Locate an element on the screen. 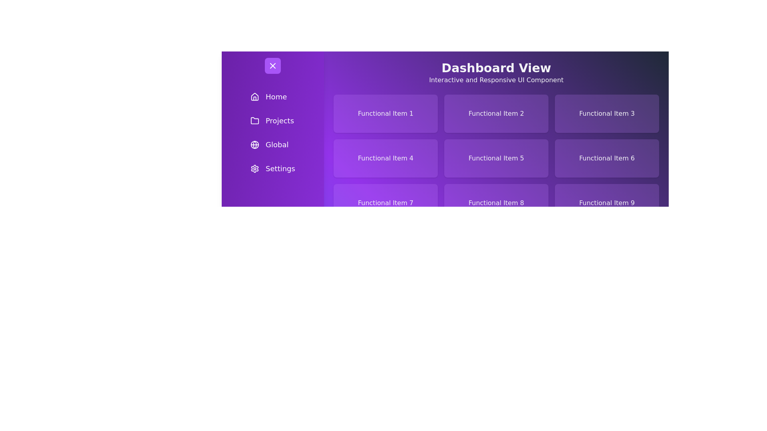 The width and height of the screenshot is (767, 431). the menu item labeled 'Projects' to observe its hover effect is located at coordinates (272, 121).